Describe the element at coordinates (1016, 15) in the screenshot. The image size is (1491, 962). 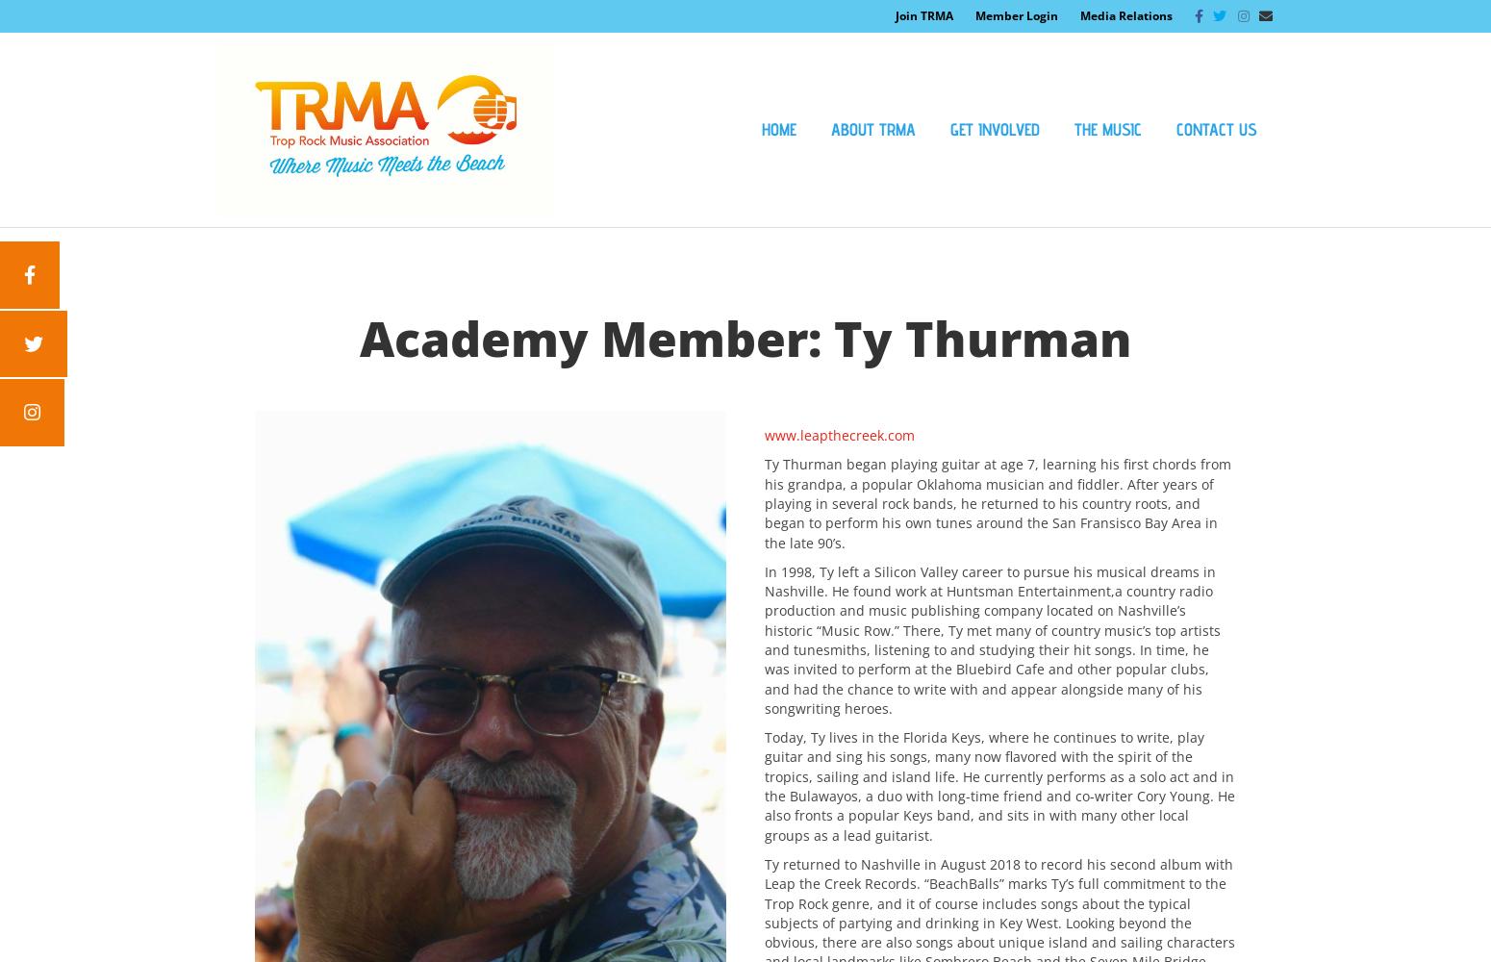
I see `'Member Login'` at that location.